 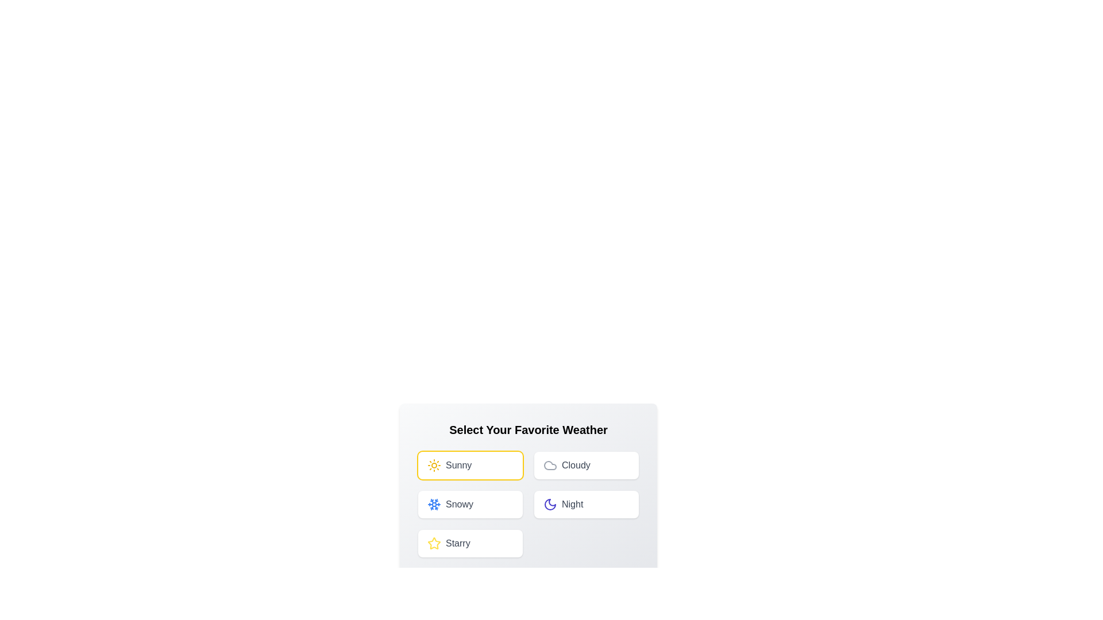 What do you see at coordinates (528, 429) in the screenshot?
I see `the text label displaying 'Select Your Favorite Weather', which is a large, bold, centered heading above the weather selection options` at bounding box center [528, 429].